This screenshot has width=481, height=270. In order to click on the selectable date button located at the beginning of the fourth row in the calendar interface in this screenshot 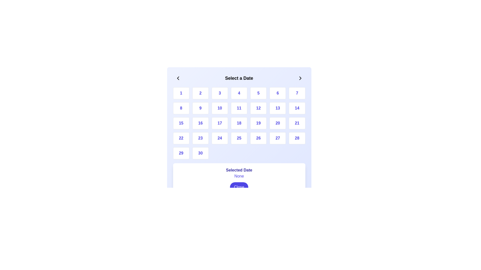, I will do `click(181, 138)`.